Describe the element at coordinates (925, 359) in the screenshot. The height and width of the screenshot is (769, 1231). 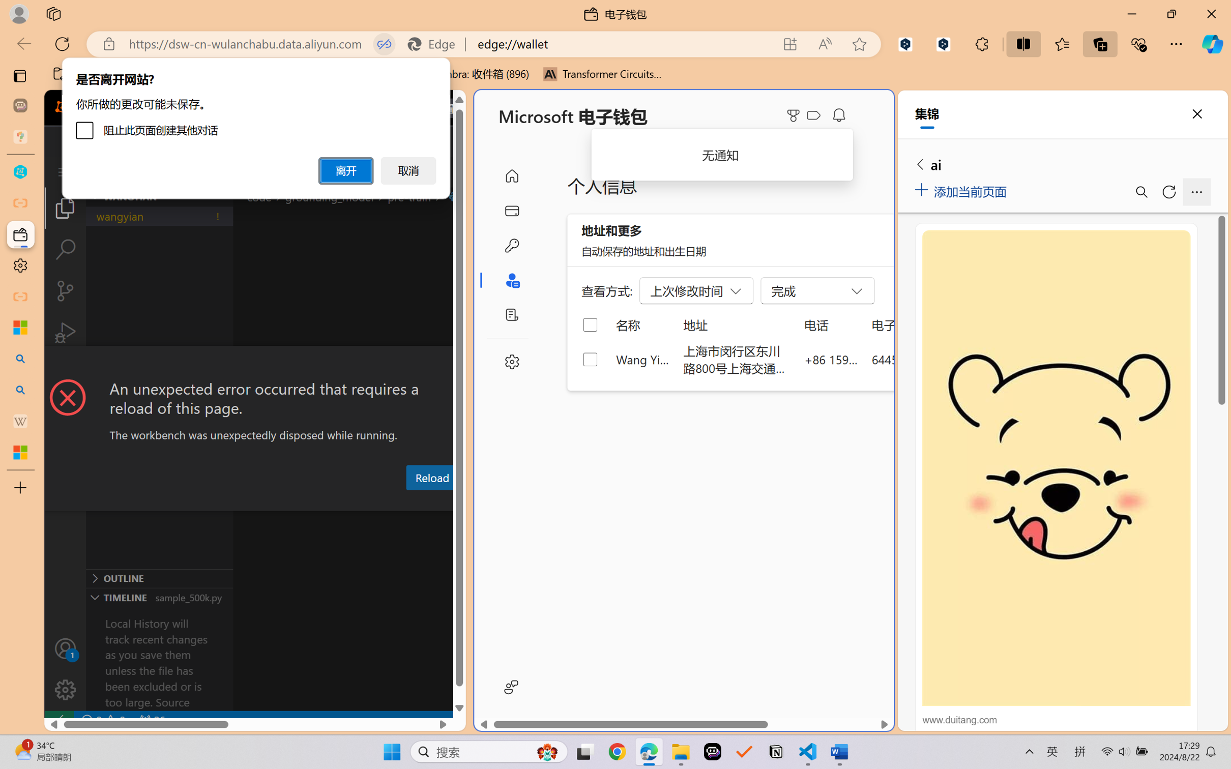
I see `'644553698@qq.com'` at that location.